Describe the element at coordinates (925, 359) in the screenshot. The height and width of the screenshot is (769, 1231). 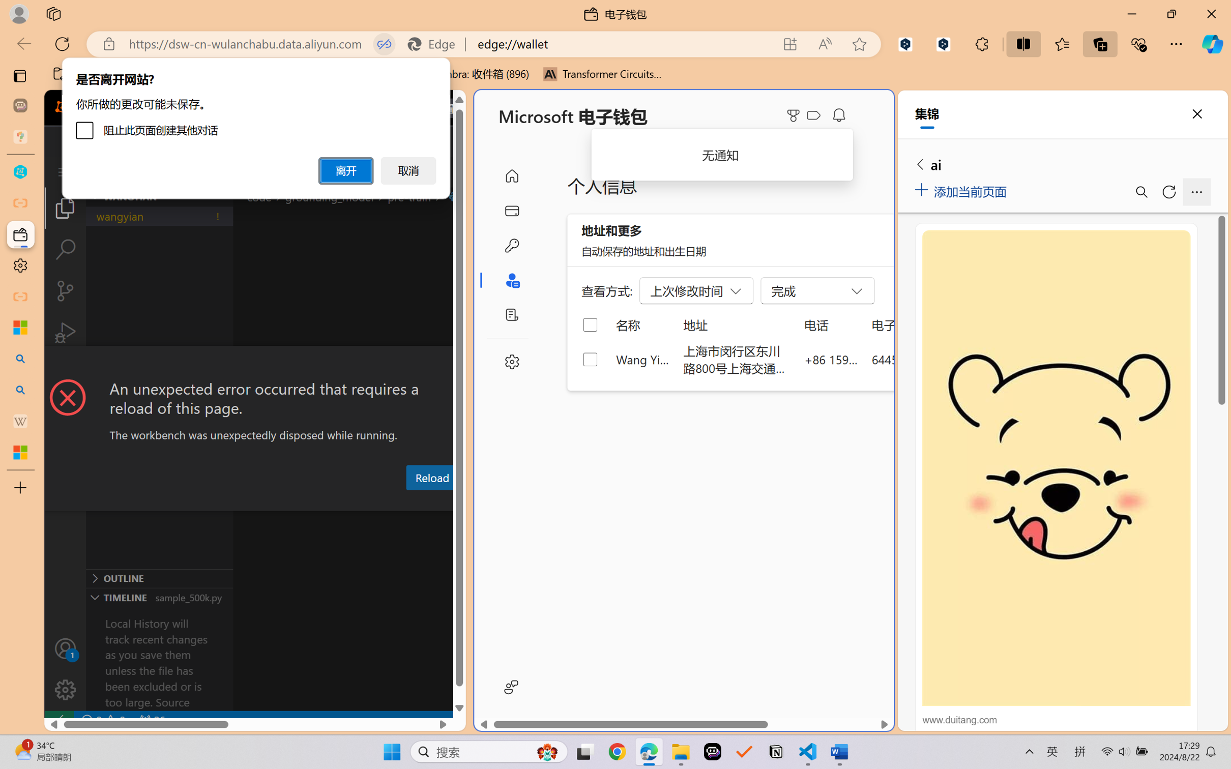
I see `'644553698@qq.com'` at that location.